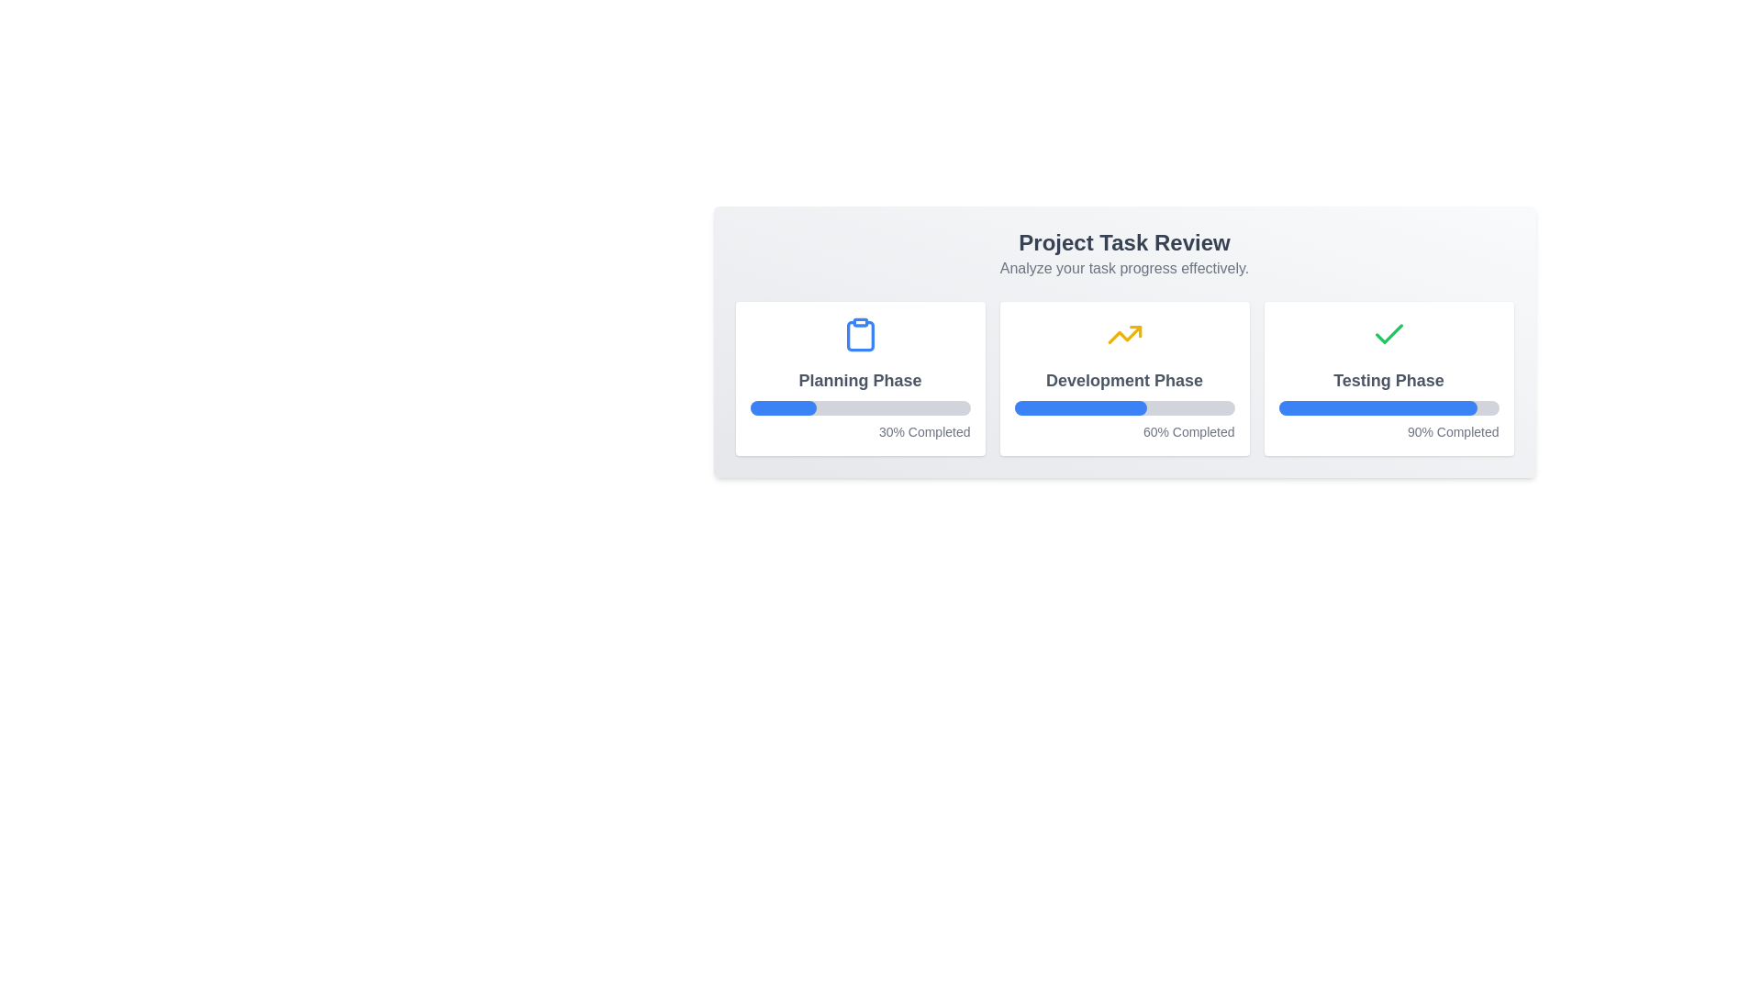 This screenshot has width=1762, height=991. What do you see at coordinates (1123, 269) in the screenshot?
I see `the descriptive tagline text element located beneath the header 'Project Task Review', which provides supporting information about the section` at bounding box center [1123, 269].